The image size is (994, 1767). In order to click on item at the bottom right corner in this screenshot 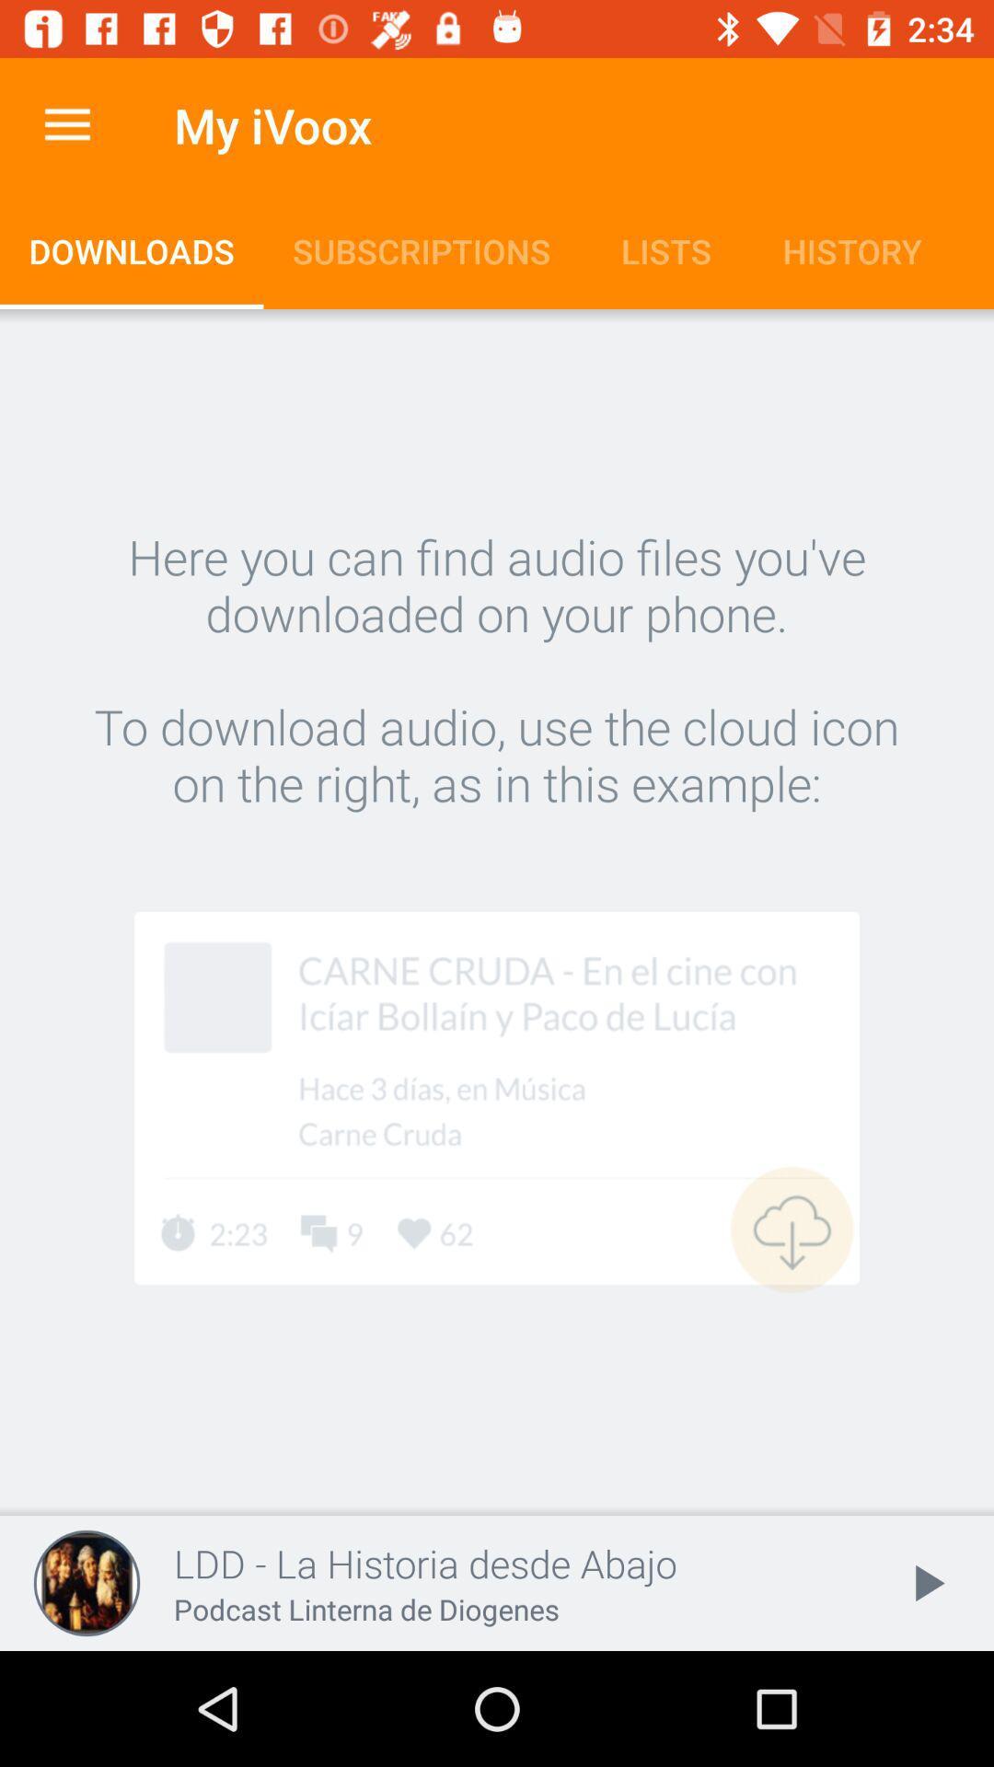, I will do `click(926, 1582)`.